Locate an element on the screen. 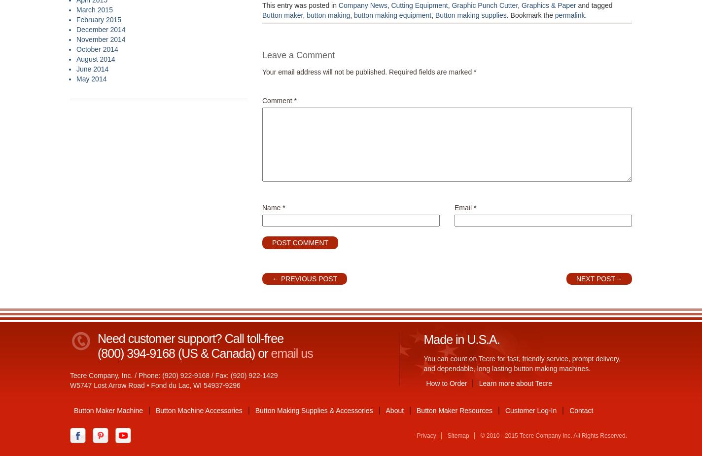 This screenshot has width=702, height=456. '(800) 394-9168 (US & Canada) or' is located at coordinates (184, 353).